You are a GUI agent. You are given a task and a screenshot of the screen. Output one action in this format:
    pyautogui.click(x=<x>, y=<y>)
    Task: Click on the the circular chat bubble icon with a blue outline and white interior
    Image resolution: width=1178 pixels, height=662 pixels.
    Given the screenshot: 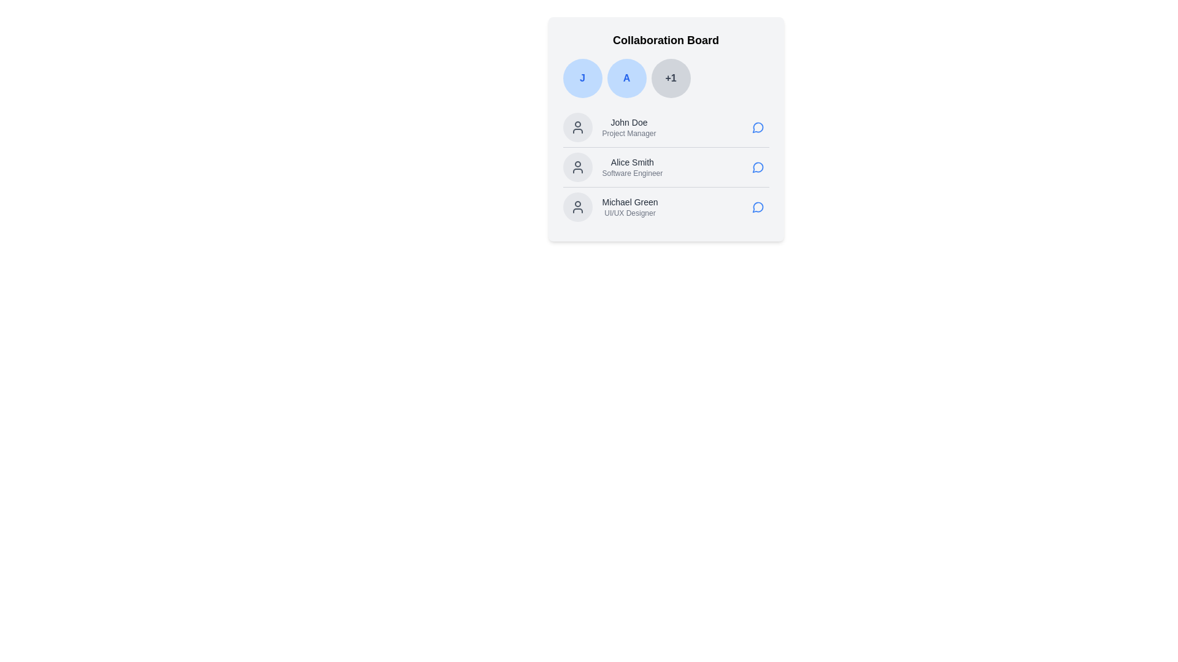 What is the action you would take?
    pyautogui.click(x=757, y=207)
    